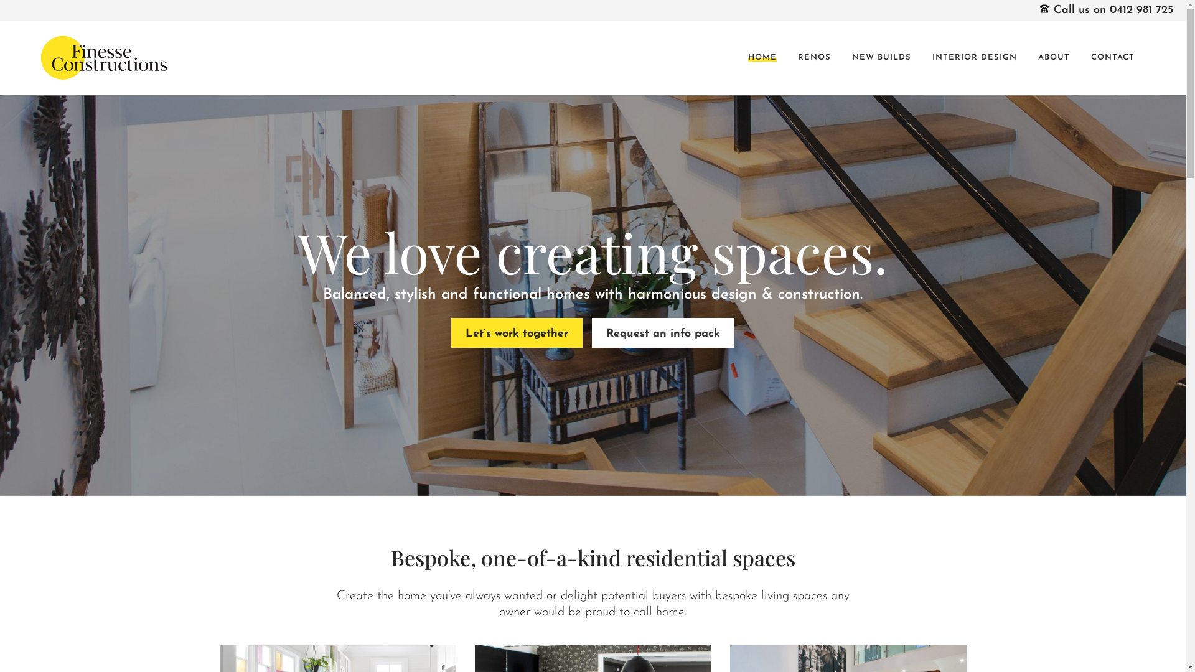 The width and height of the screenshot is (1195, 672). I want to click on 'NEW BUILDS', so click(881, 57).